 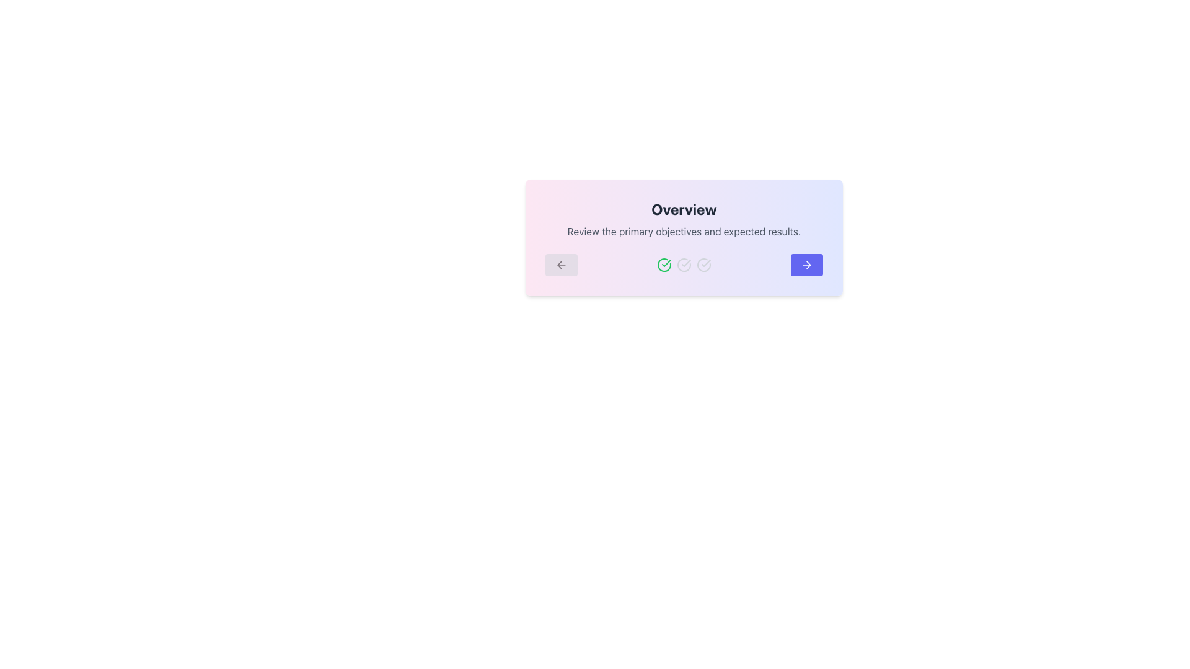 What do you see at coordinates (558, 265) in the screenshot?
I see `left-pointing arrow SVG element, which serves as a navigational icon for a backward action, for debugging purposes` at bounding box center [558, 265].